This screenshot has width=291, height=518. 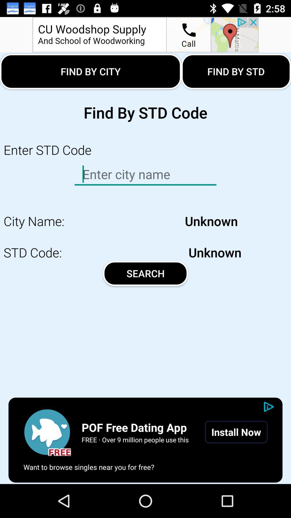 I want to click on open cu woodshop supply advertisement, so click(x=145, y=34).